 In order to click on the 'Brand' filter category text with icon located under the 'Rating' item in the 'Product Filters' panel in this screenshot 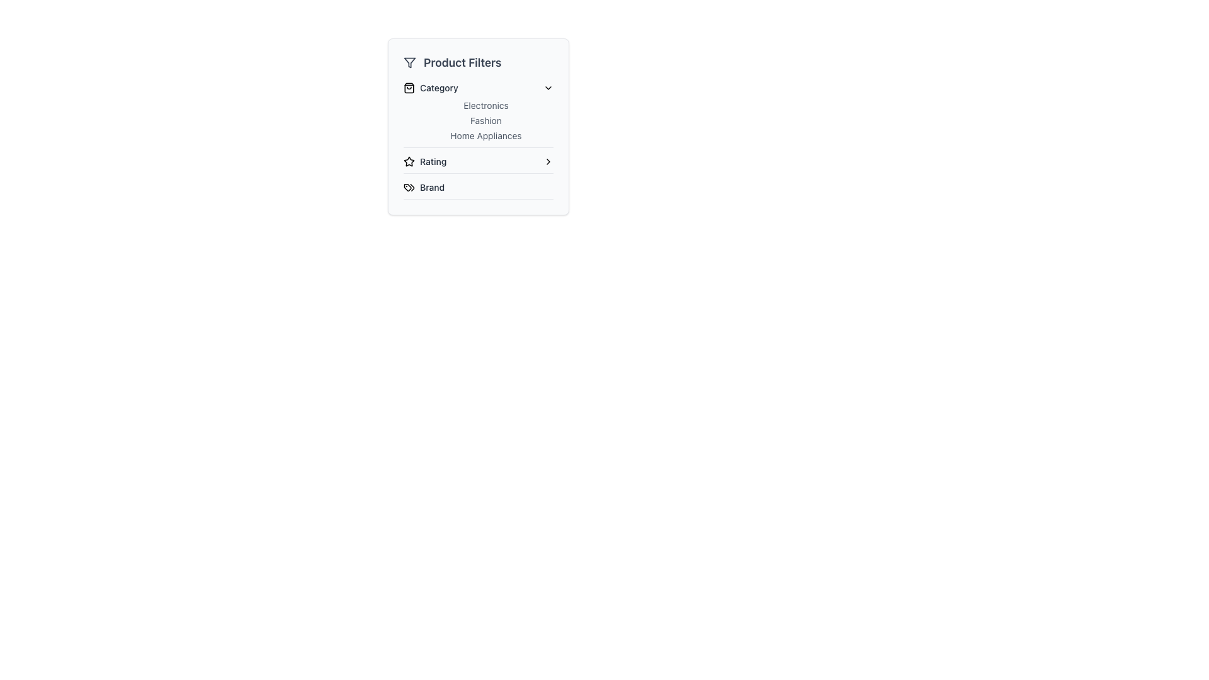, I will do `click(424, 187)`.